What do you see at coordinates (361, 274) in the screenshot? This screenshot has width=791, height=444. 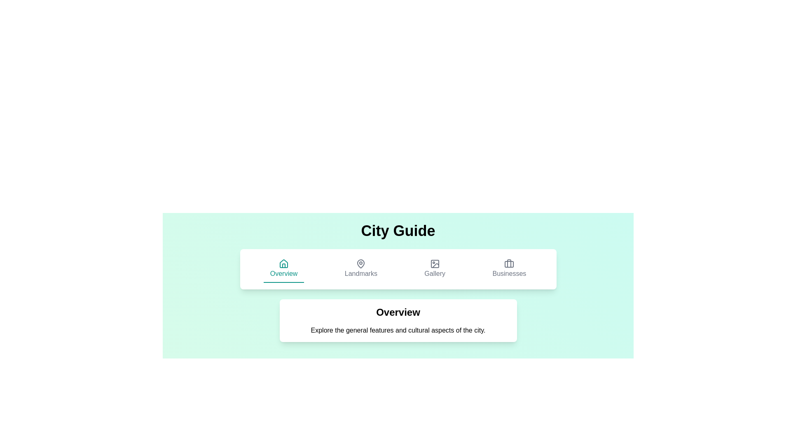 I see `the 'Landmarks' text label in the navigation menu` at bounding box center [361, 274].